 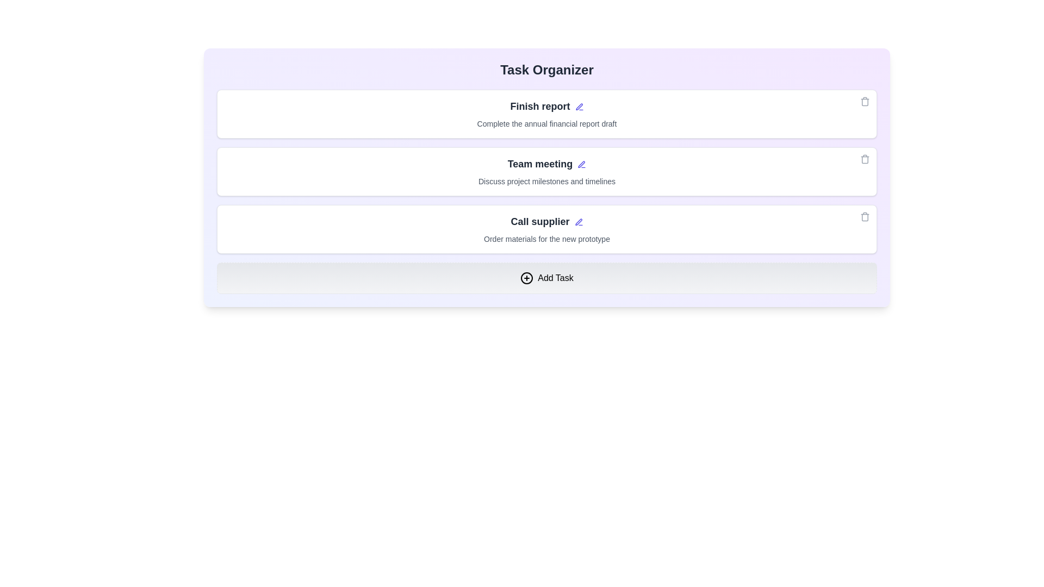 I want to click on the edit icon next to the task title 'Finish report', so click(x=579, y=107).